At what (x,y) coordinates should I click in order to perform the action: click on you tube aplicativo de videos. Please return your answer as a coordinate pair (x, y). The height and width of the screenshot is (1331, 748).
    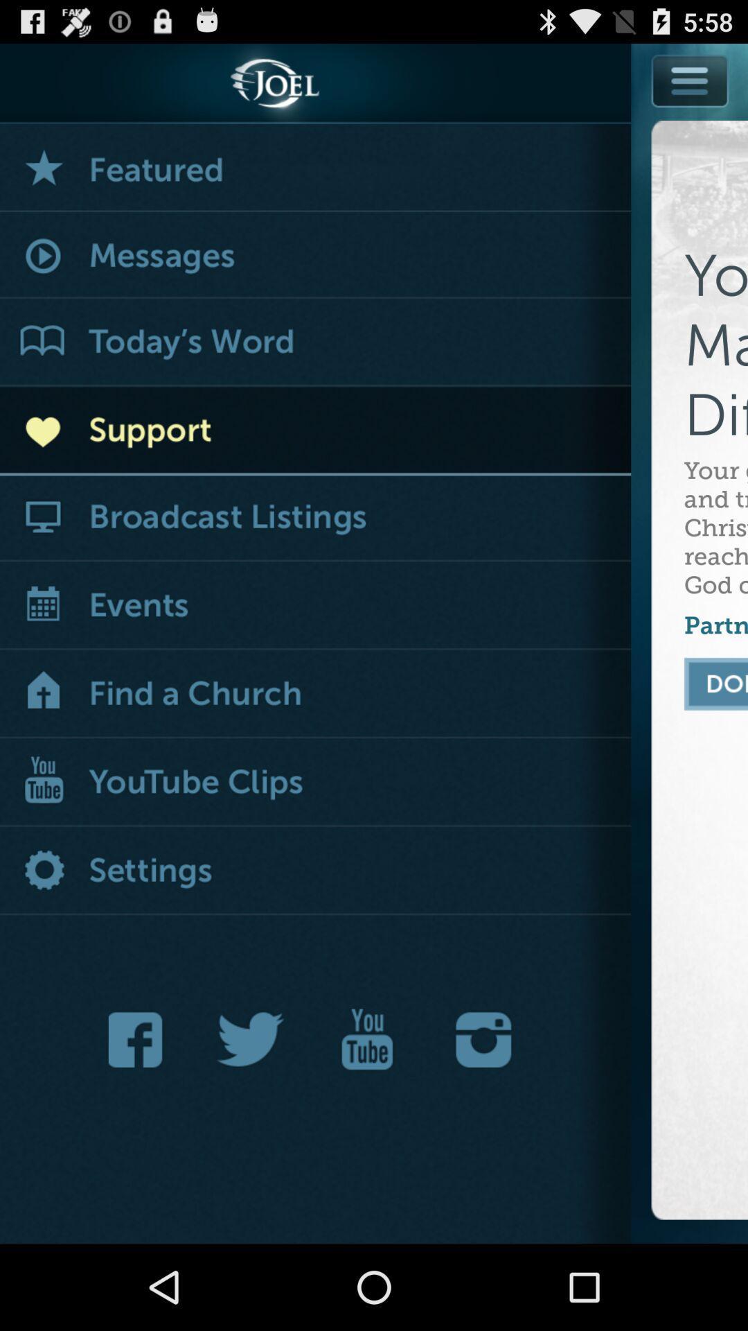
    Looking at the image, I should click on (366, 1039).